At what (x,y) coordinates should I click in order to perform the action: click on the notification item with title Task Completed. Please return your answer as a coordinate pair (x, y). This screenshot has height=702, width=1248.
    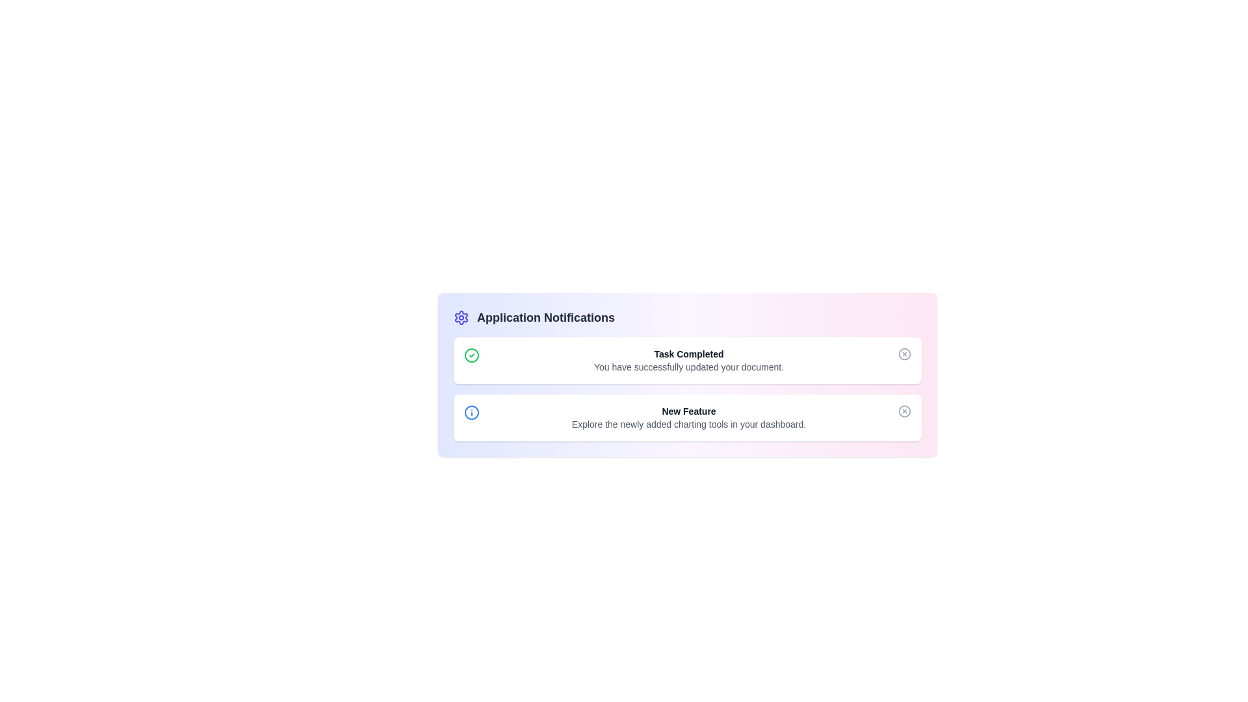
    Looking at the image, I should click on (686, 361).